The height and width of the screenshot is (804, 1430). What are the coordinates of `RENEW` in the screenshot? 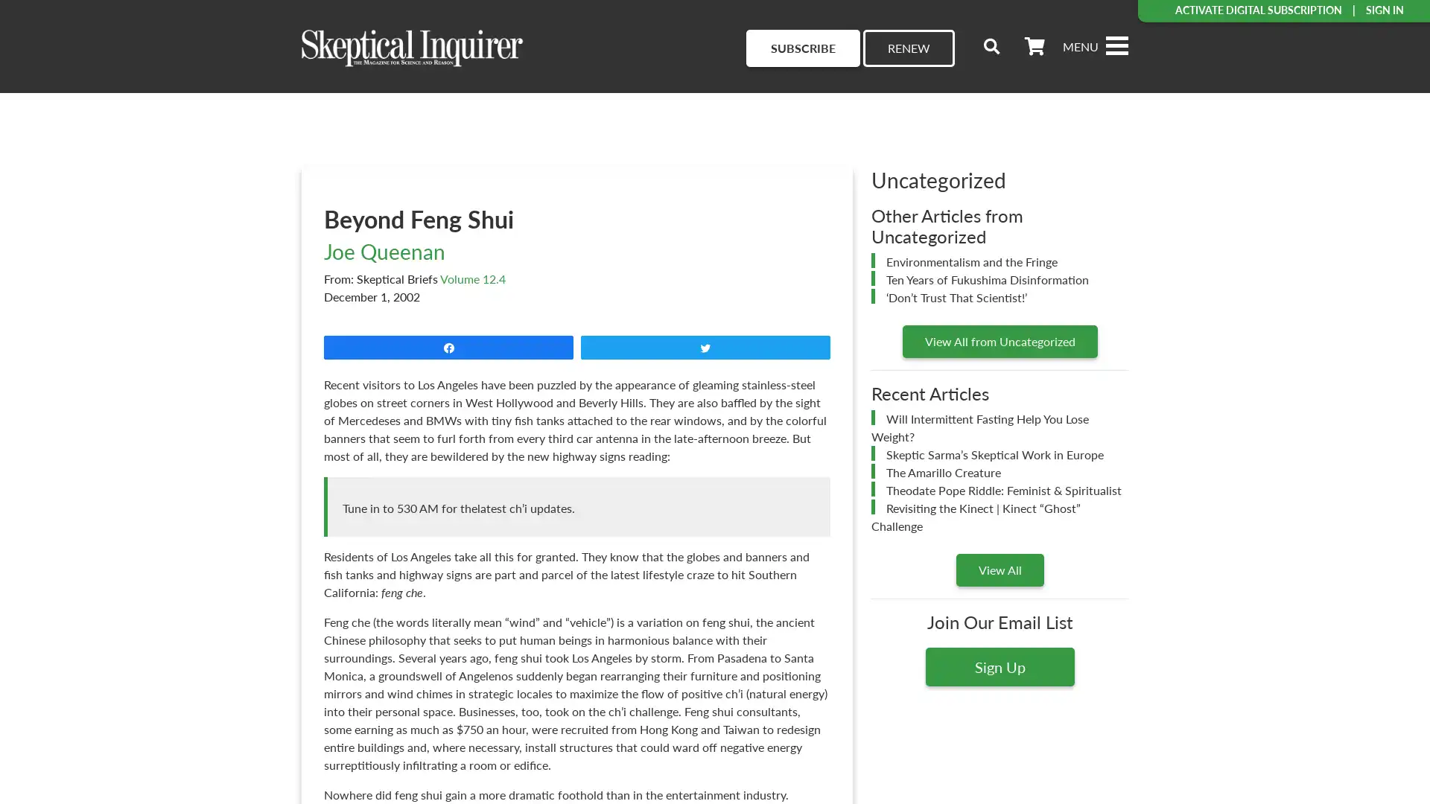 It's located at (908, 48).